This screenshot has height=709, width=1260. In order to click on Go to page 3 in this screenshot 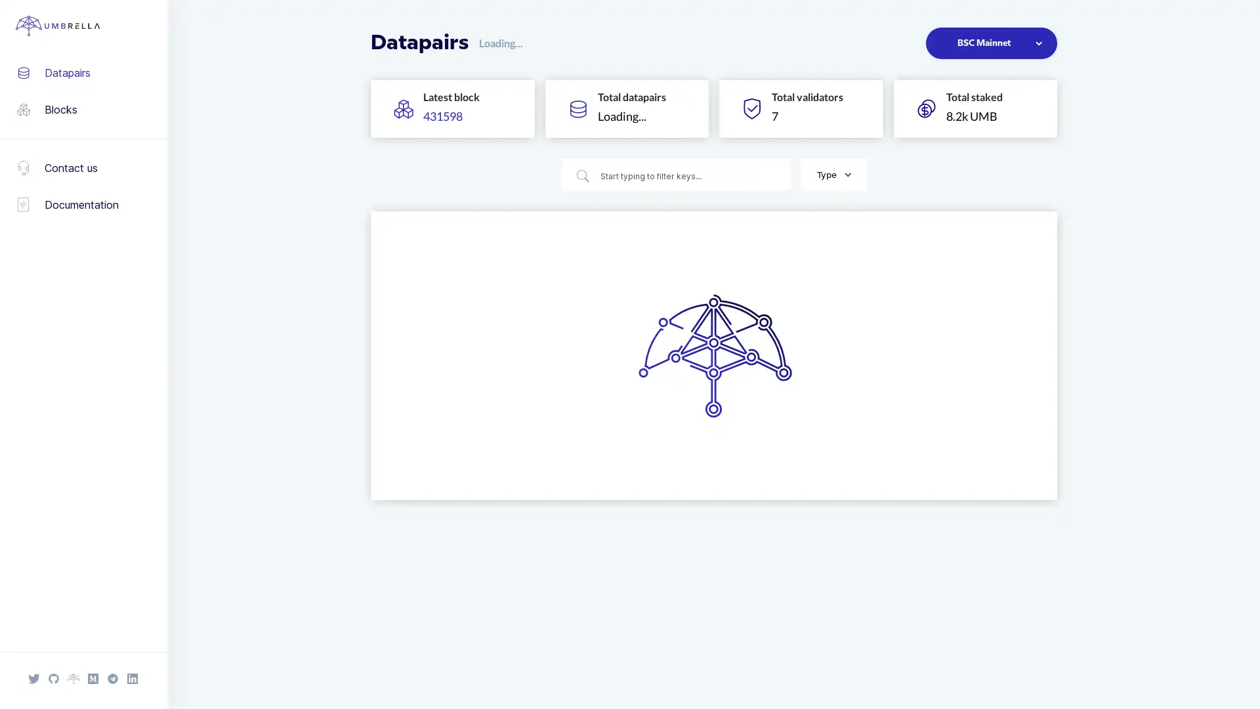, I will do `click(468, 473)`.